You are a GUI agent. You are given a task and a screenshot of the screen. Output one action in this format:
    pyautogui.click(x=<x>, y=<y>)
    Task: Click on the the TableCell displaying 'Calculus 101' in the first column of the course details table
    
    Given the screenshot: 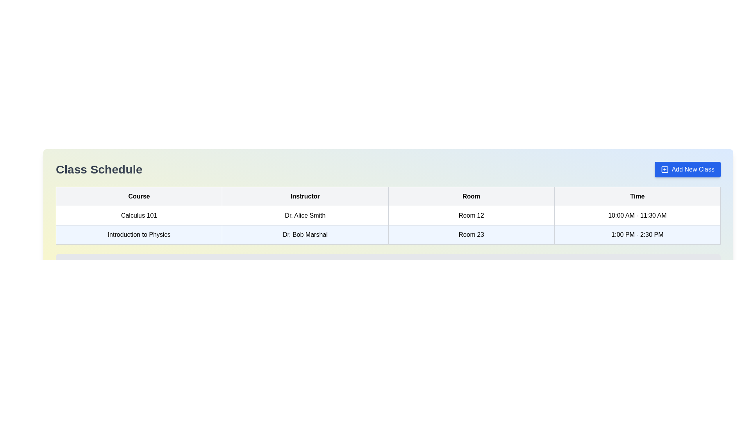 What is the action you would take?
    pyautogui.click(x=139, y=215)
    